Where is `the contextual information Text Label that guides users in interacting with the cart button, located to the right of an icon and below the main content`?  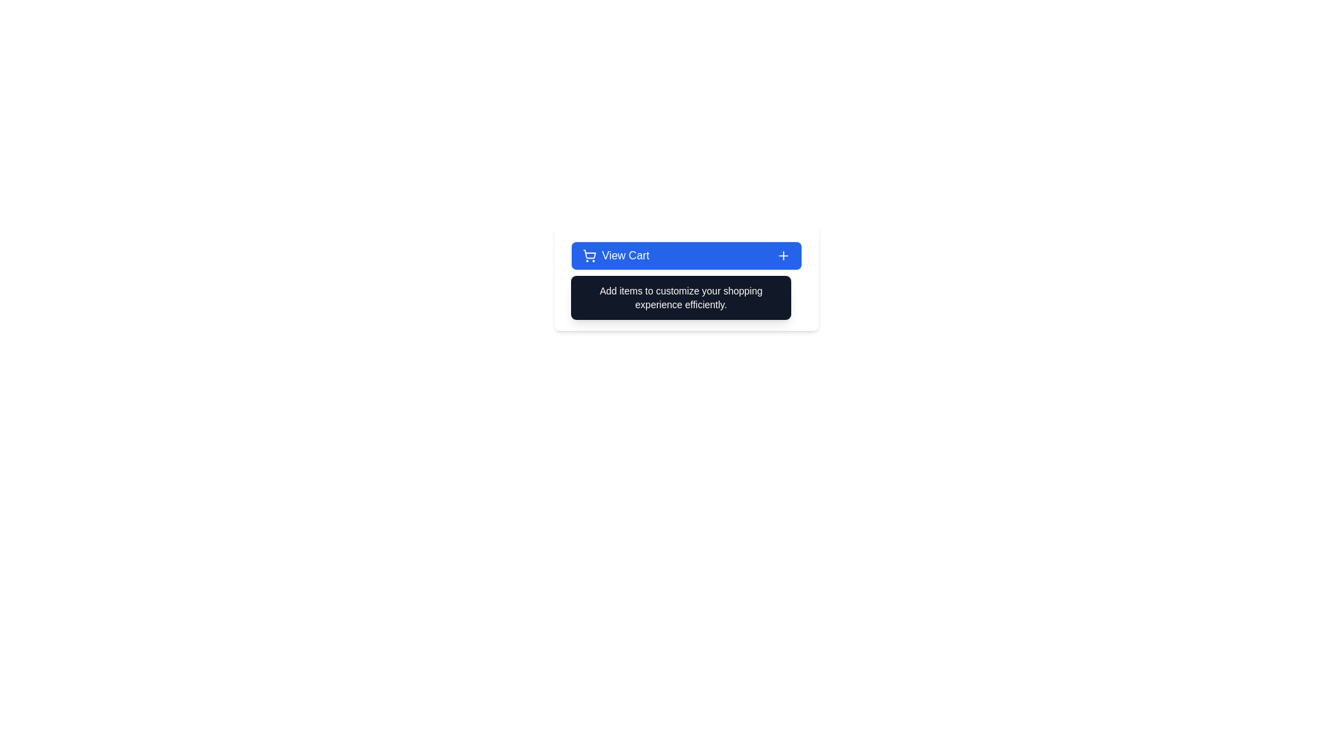
the contextual information Text Label that guides users in interacting with the cart button, located to the right of an icon and below the main content is located at coordinates (696, 299).